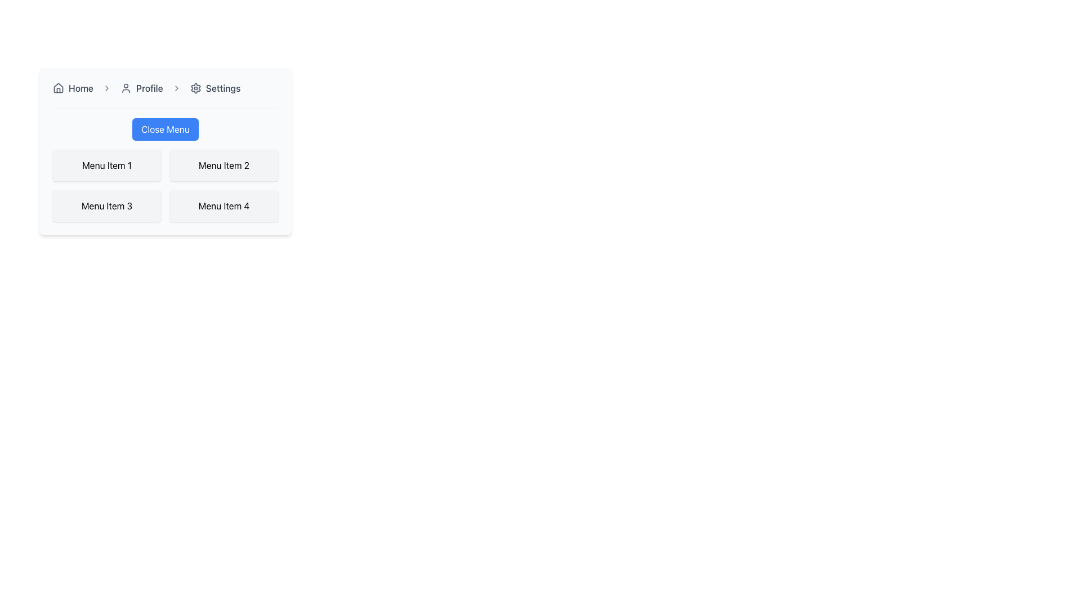  I want to click on the gear or cog icon representing settings located in the upper right corner of the navigation bar, adjacent to the Profile and Settings labels, so click(195, 88).